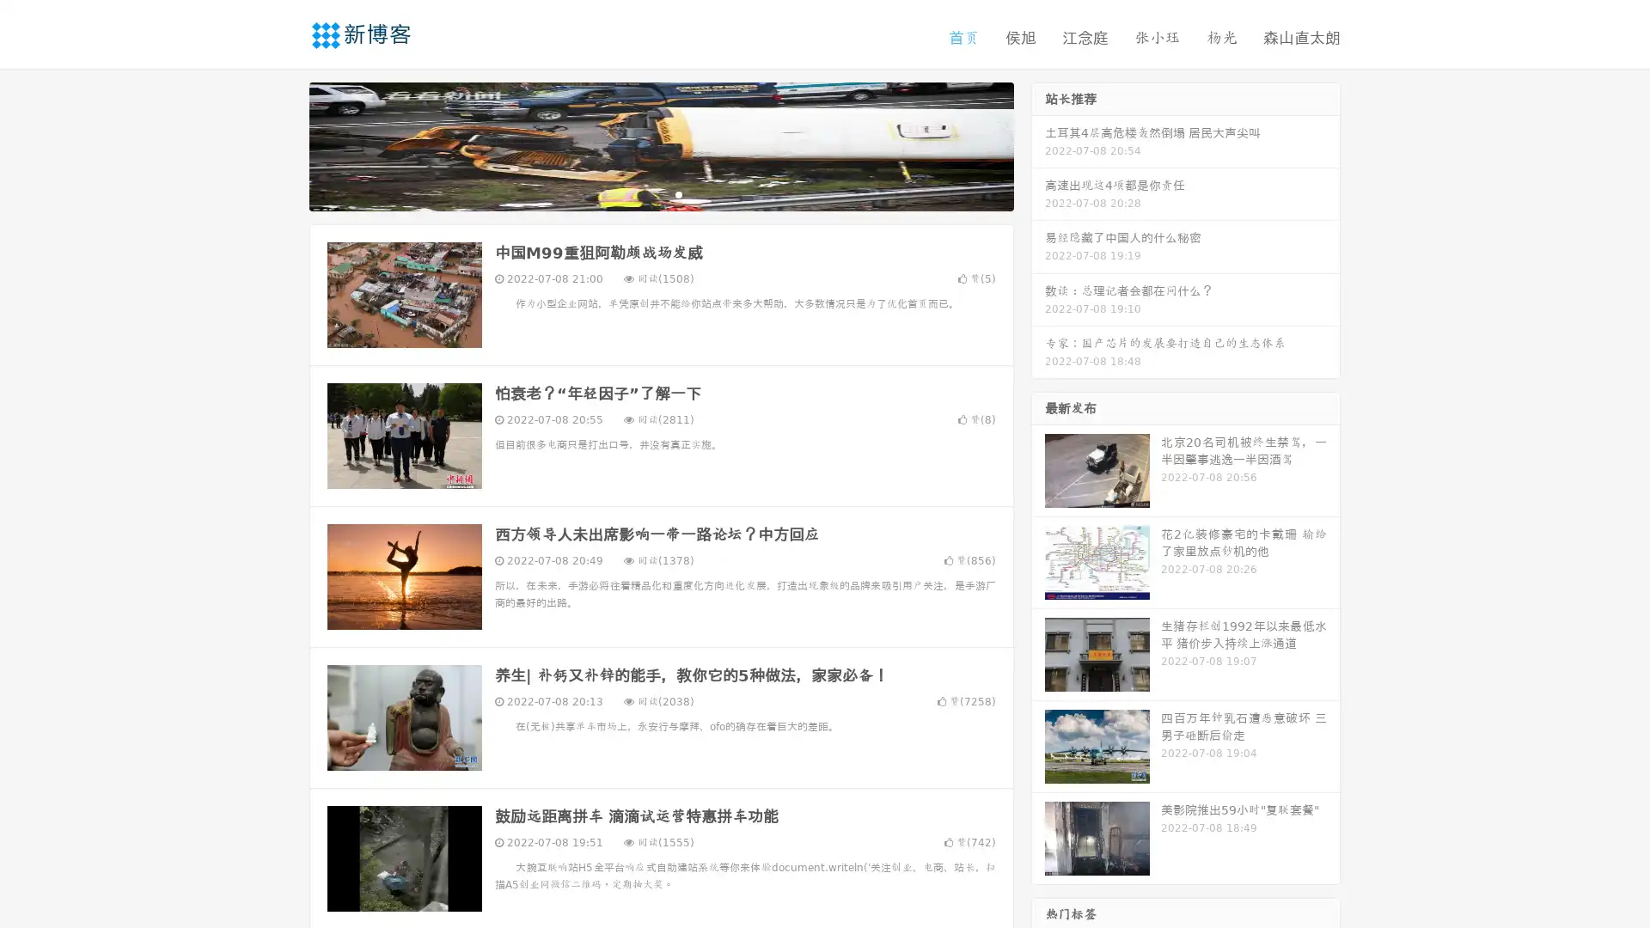  I want to click on Next slide, so click(1038, 144).